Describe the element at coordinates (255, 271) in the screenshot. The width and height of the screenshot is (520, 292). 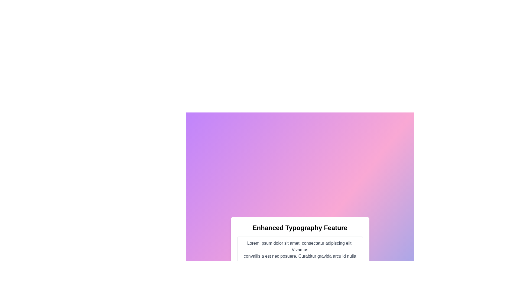
I see `the interactive link located at the bottom of the displayed interface, contained within a rounded, bordered, light background box` at that location.